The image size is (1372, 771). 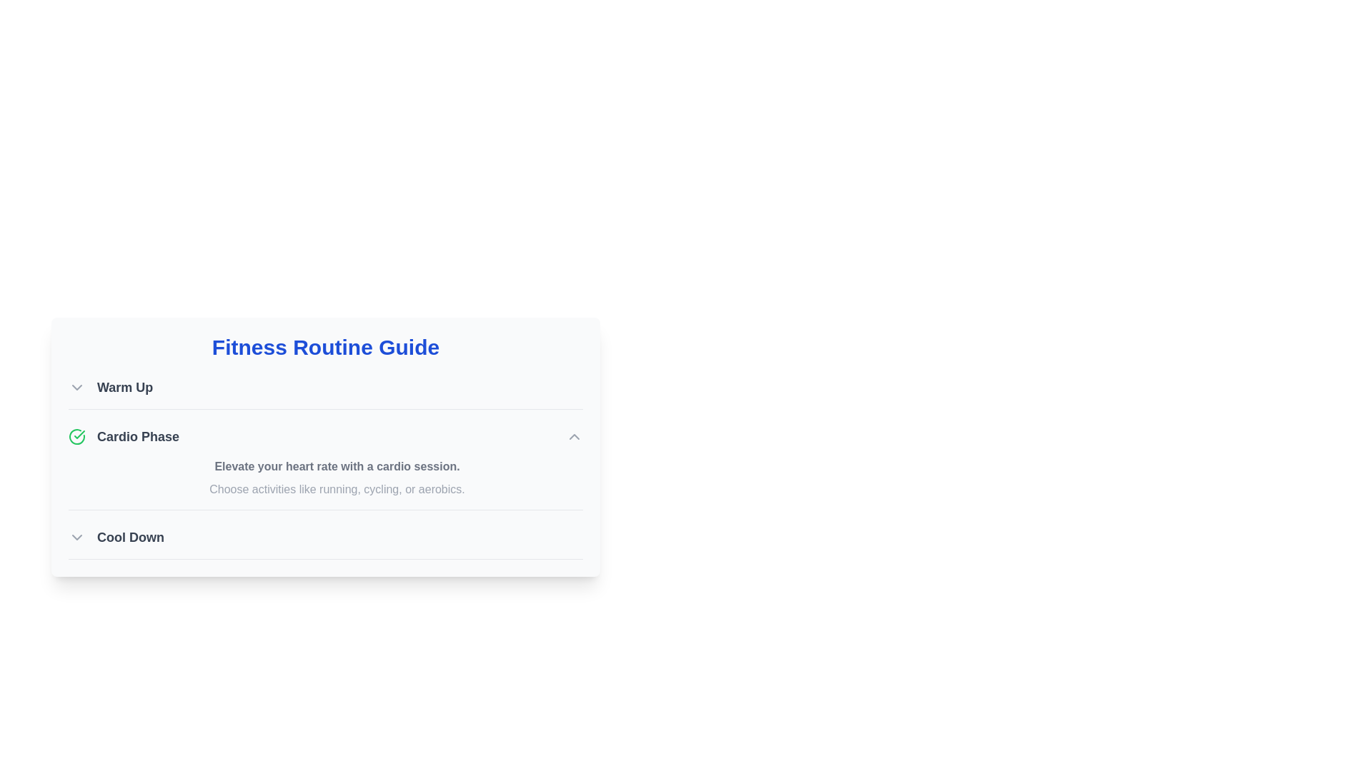 I want to click on the text block element containing the lines 'Elevate your heart rate with a cardio session.' and 'Choose activities like running, cycling, or aerobics.' positioned below the 'Cardio Phase' title, so click(x=336, y=478).